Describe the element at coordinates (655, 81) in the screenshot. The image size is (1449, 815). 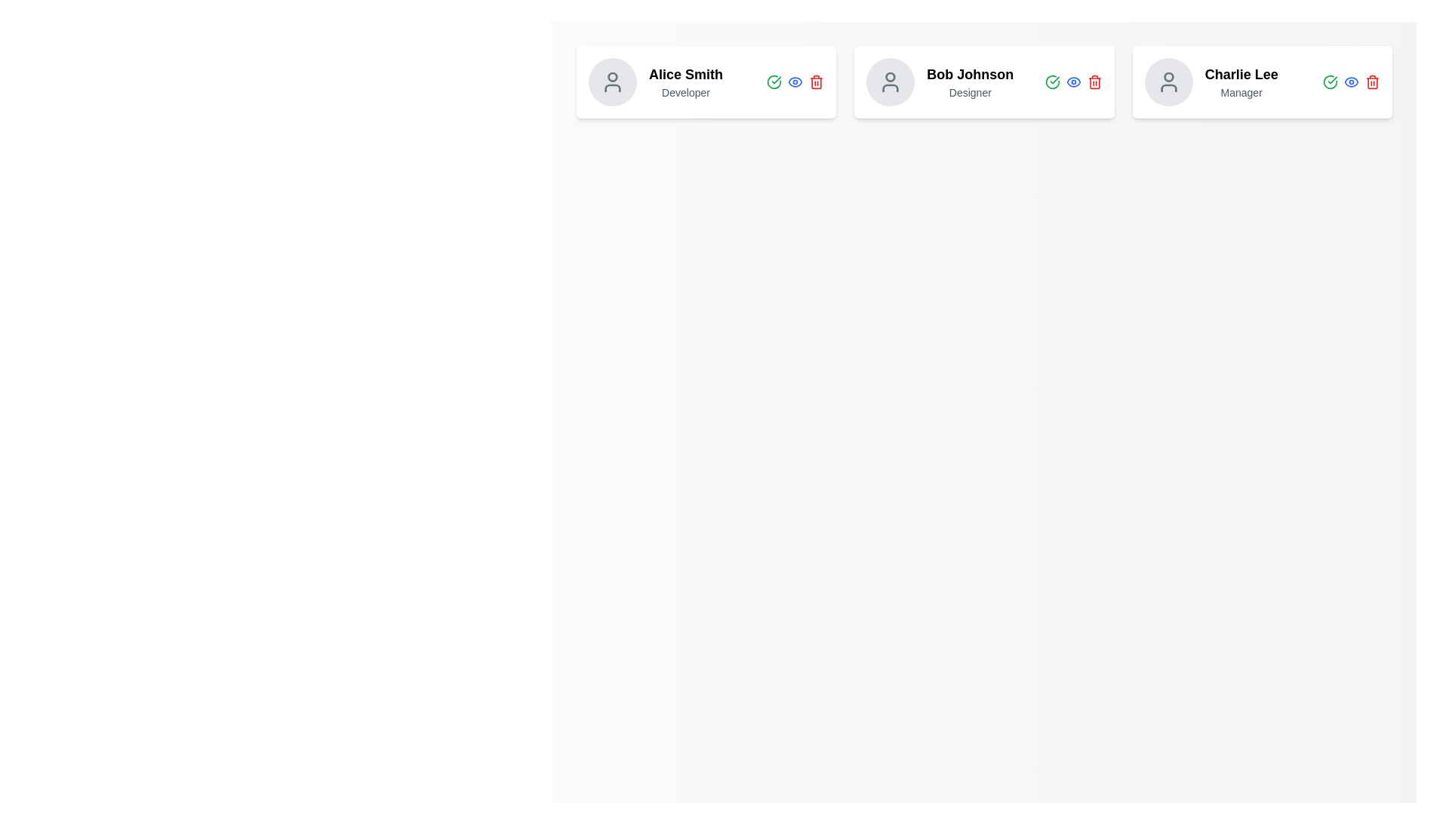
I see `the User Profile Card featuring a circular avatar with a gray background and the name 'Alice Smith' in bold` at that location.